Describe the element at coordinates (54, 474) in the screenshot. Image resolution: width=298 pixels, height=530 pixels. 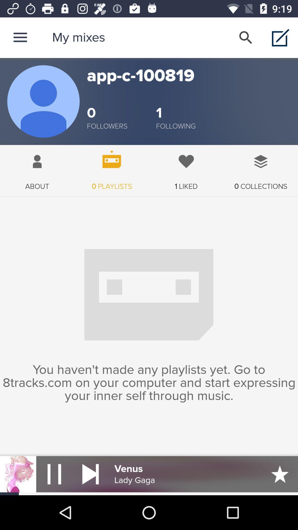
I see `the pause icon` at that location.